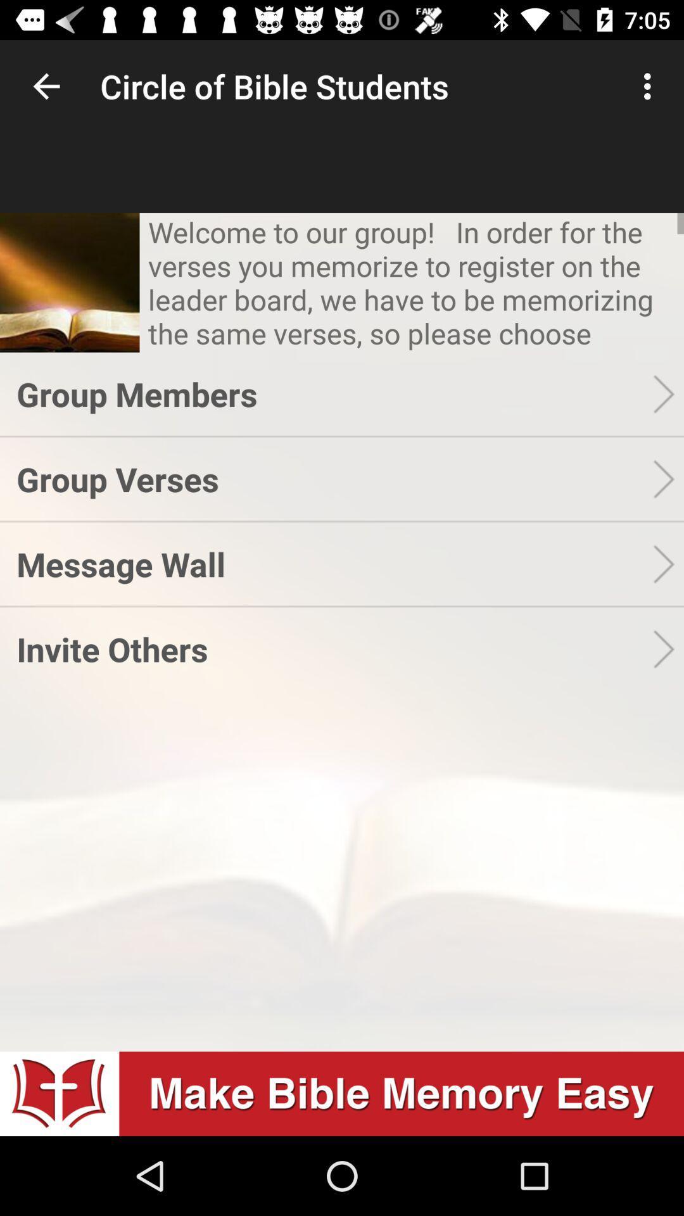  I want to click on app above group verses, so click(334, 393).